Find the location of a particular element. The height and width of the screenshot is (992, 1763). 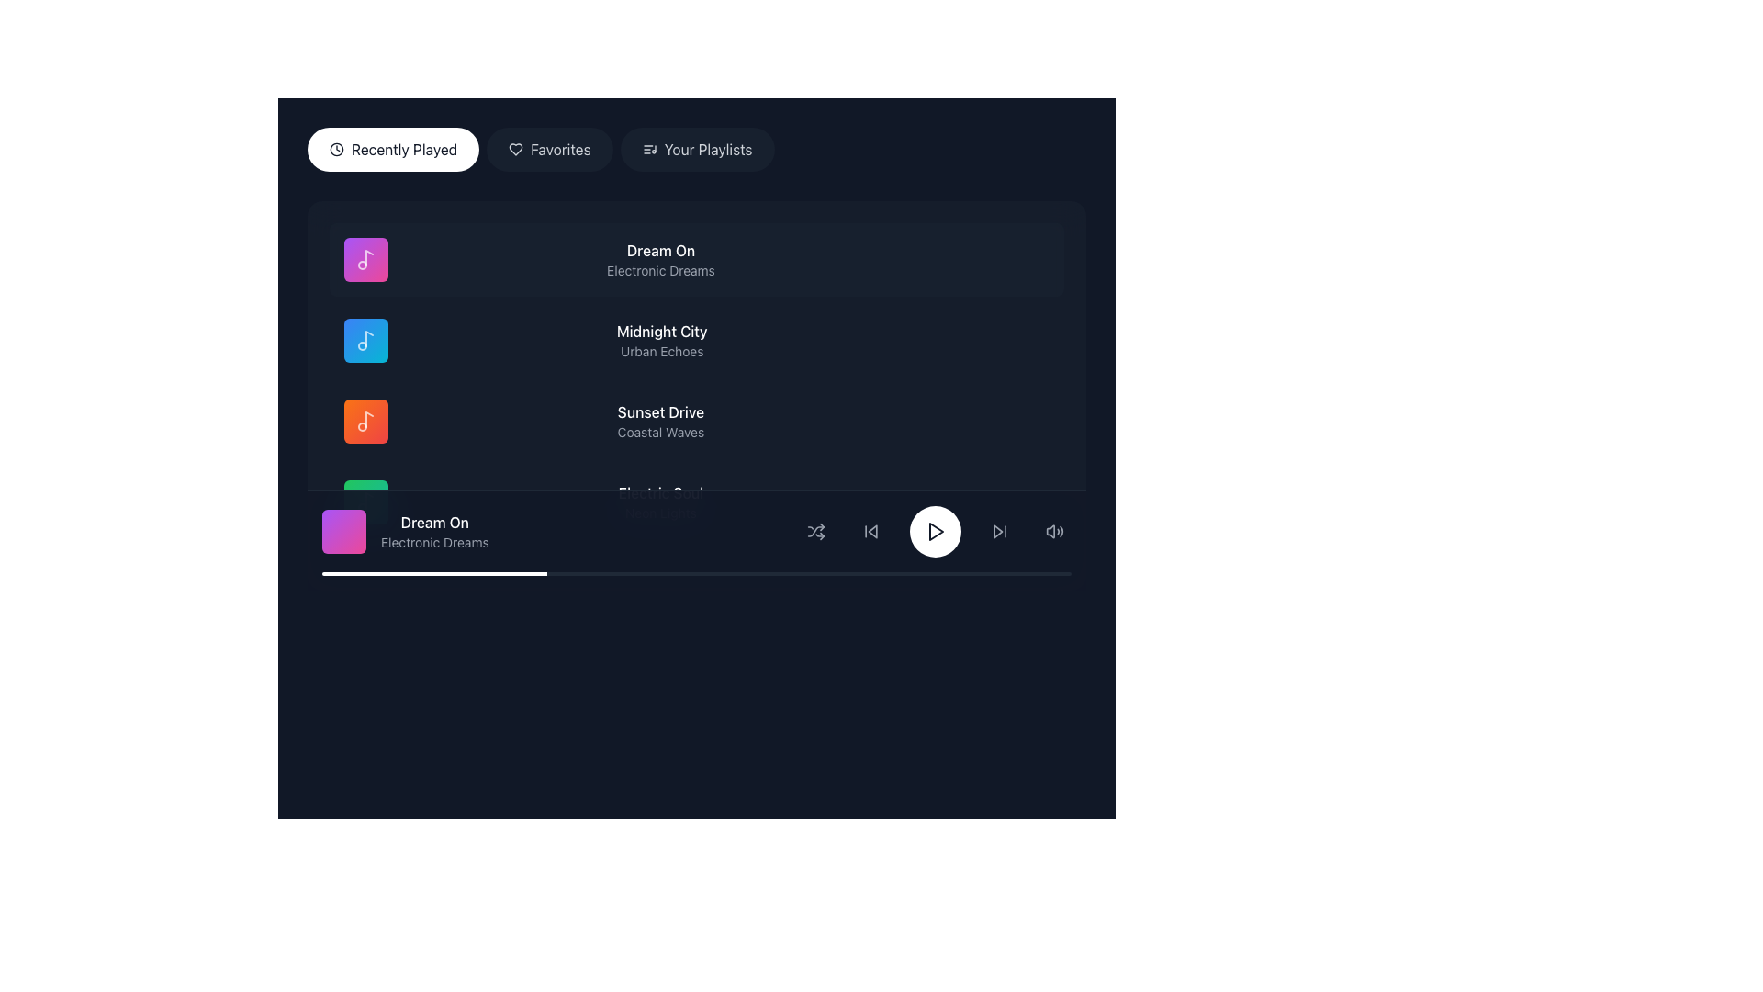

the shuffle mode toggle button located in the bottom control bar, to the left of the central play button is located at coordinates (814, 531).